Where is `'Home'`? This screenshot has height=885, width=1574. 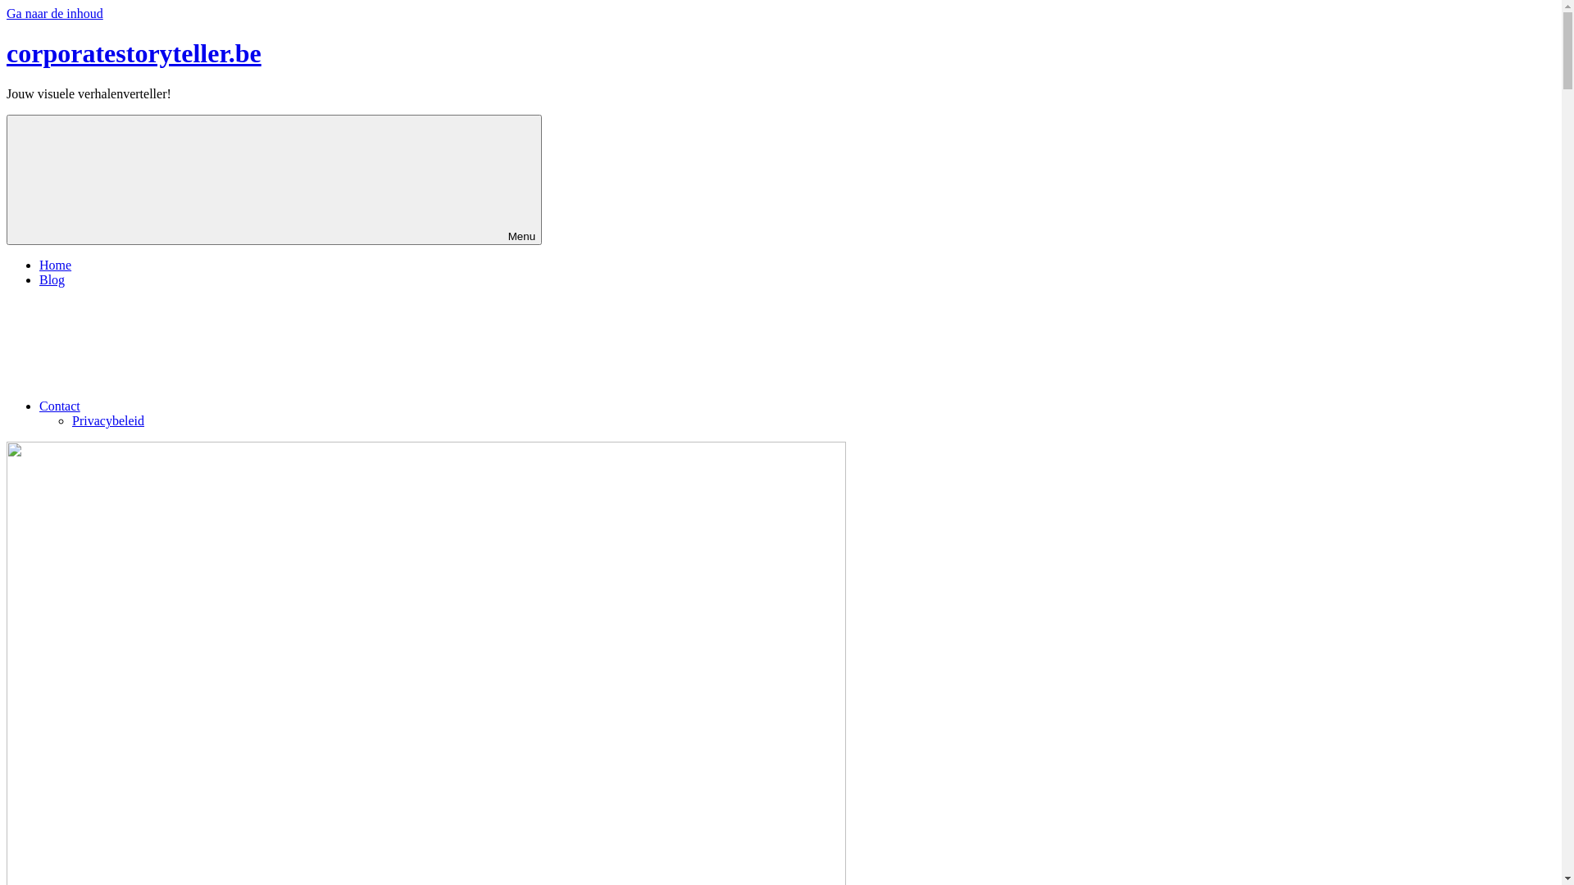 'Home' is located at coordinates (39, 264).